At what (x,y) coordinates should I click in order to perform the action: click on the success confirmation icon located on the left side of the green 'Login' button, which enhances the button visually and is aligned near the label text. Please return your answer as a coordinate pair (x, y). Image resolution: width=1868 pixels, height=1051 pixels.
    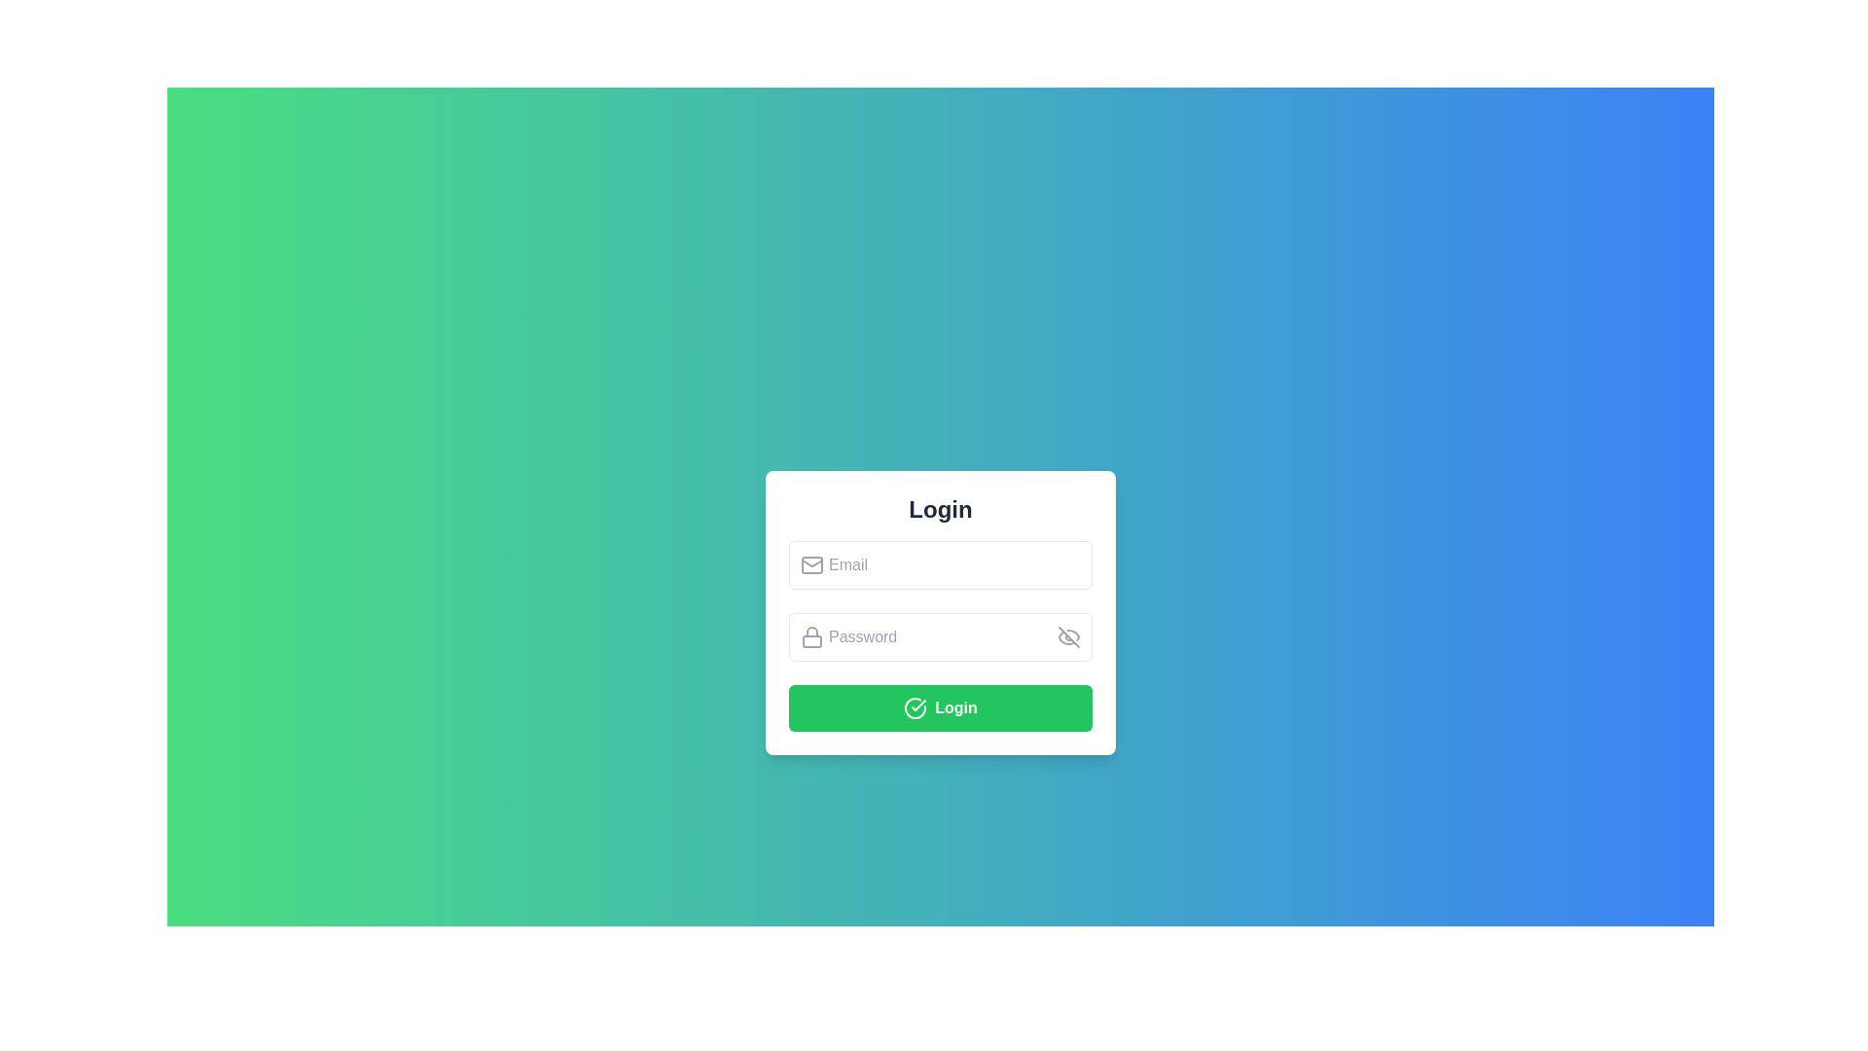
    Looking at the image, I should click on (915, 708).